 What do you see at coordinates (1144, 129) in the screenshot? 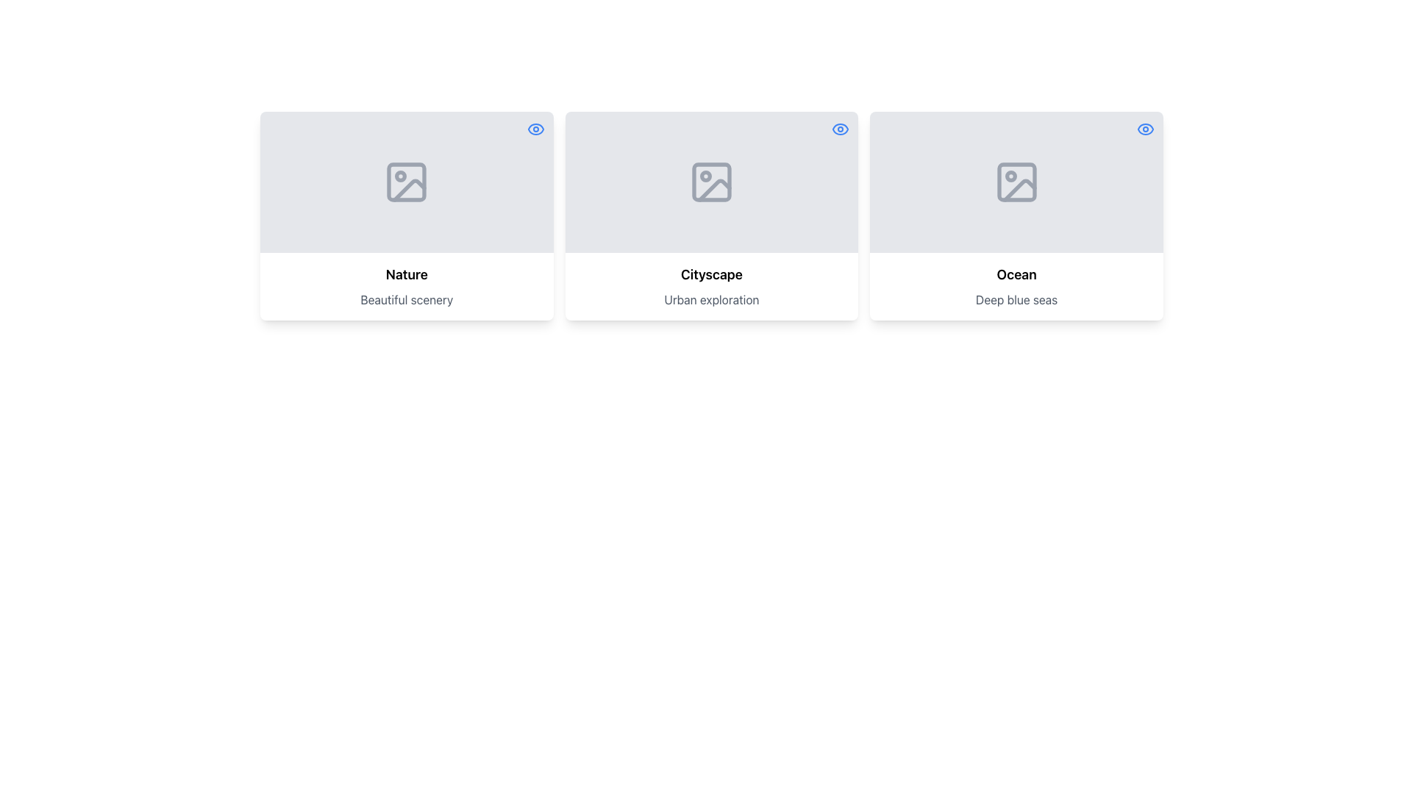
I see `the blue eye icon button located in the top-right corner of the 'Ocean' card` at bounding box center [1144, 129].